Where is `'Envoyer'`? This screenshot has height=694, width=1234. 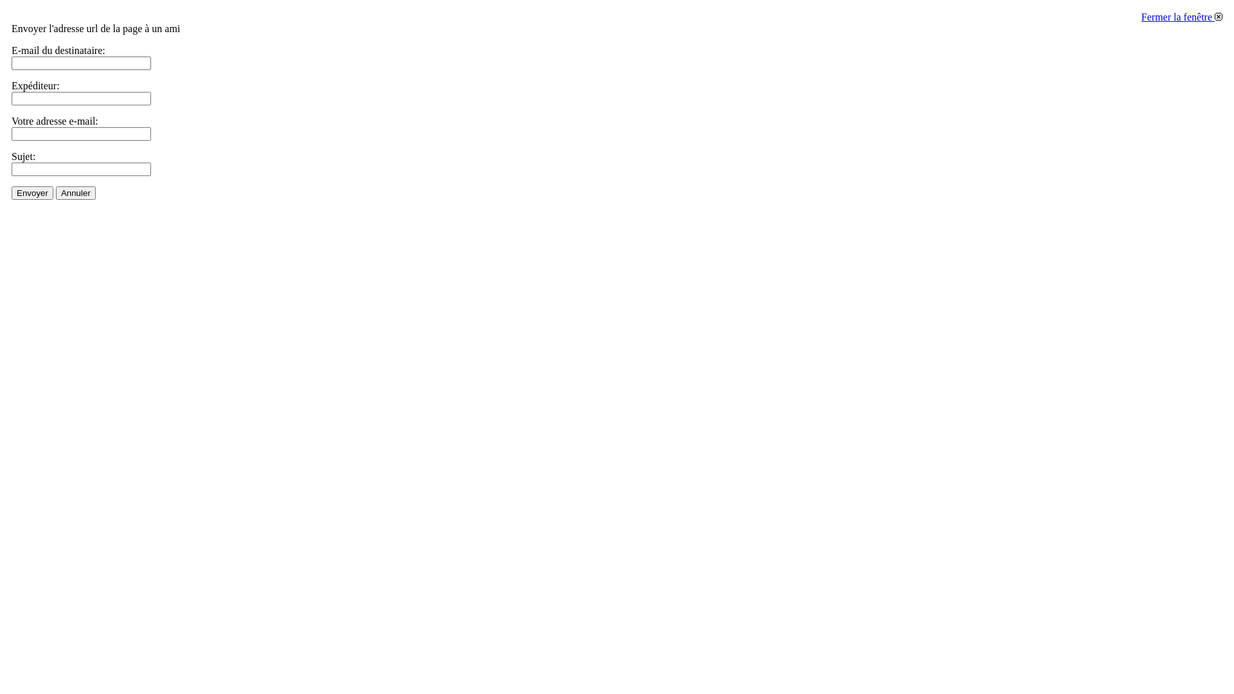 'Envoyer' is located at coordinates (12, 193).